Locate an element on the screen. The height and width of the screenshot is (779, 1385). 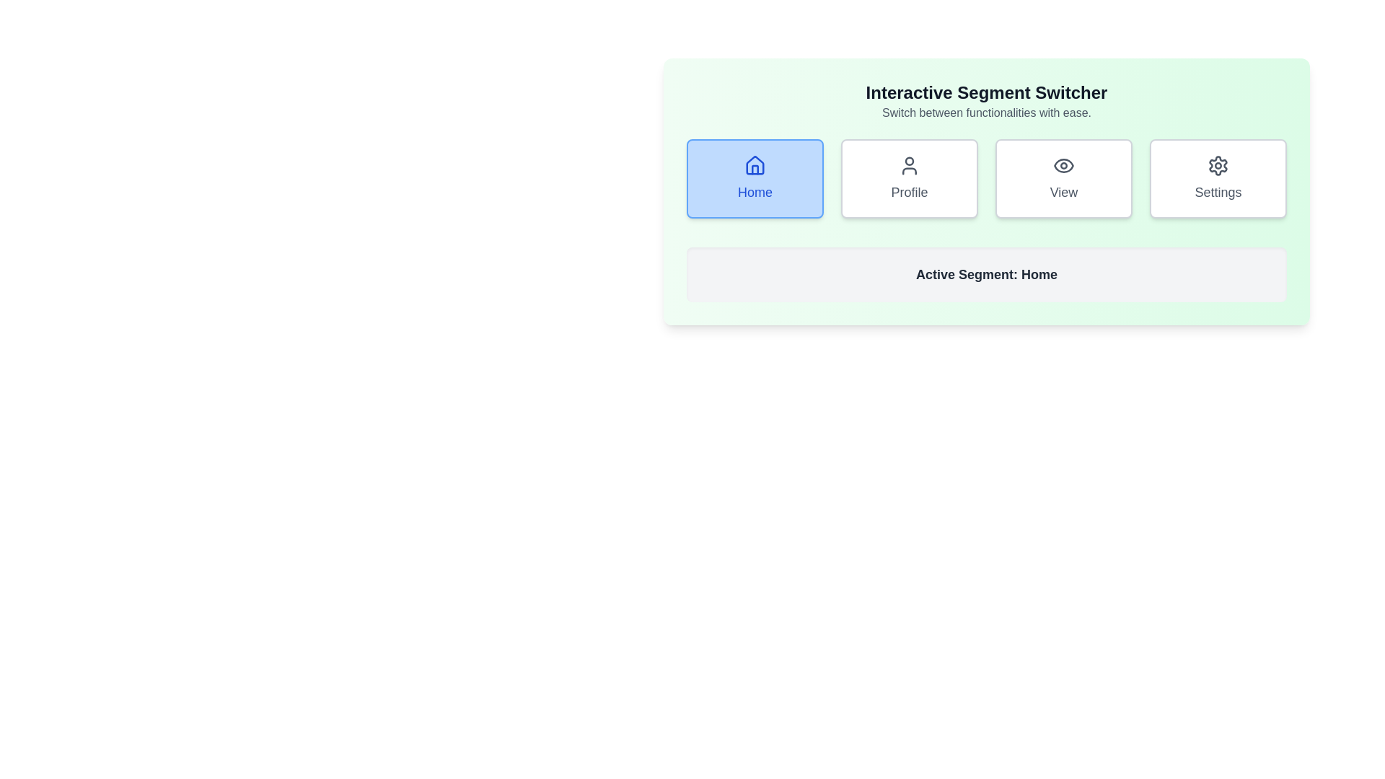
the button located in the third position from the left within a horizontal row of four buttons, beneath the heading 'Interactive Segment Switcher' is located at coordinates (1063, 177).